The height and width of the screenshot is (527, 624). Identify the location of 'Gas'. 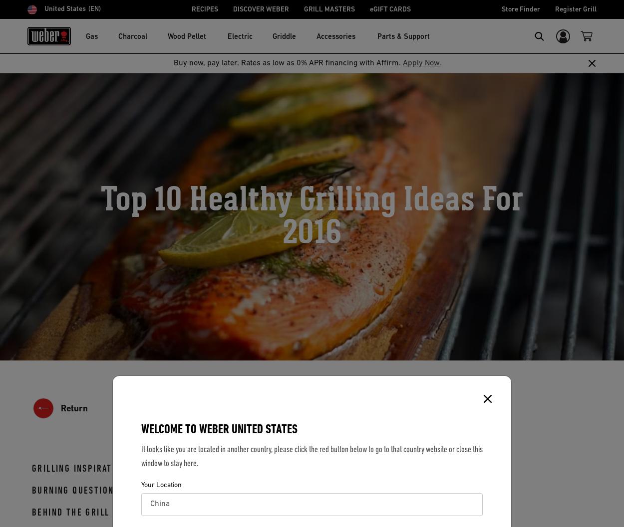
(86, 36).